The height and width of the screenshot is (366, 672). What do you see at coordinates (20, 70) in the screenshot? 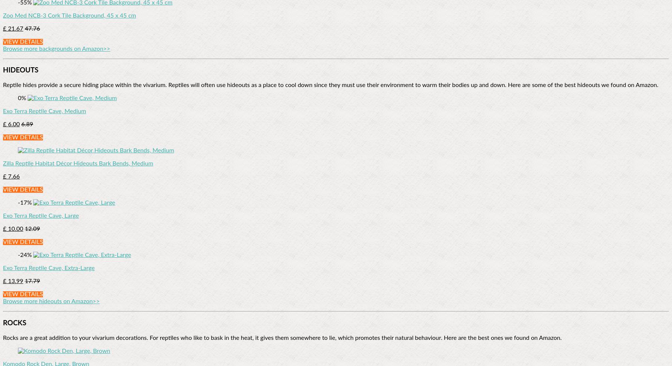
I see `'Hideouts'` at bounding box center [20, 70].